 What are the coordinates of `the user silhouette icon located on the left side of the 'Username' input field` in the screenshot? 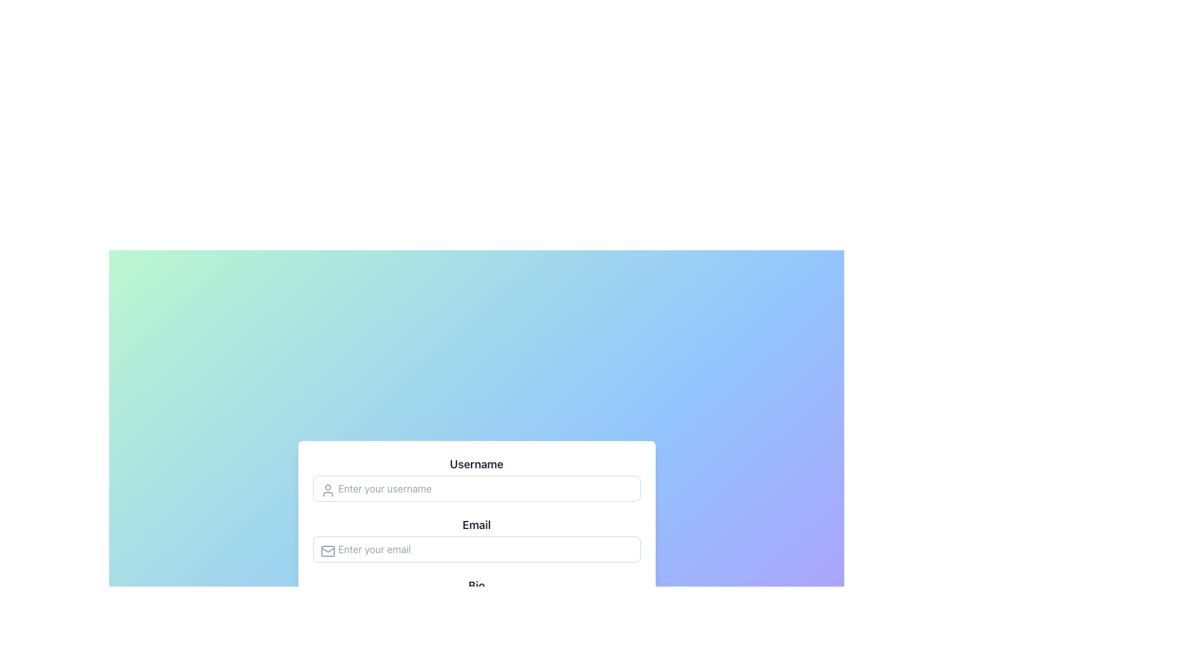 It's located at (328, 489).